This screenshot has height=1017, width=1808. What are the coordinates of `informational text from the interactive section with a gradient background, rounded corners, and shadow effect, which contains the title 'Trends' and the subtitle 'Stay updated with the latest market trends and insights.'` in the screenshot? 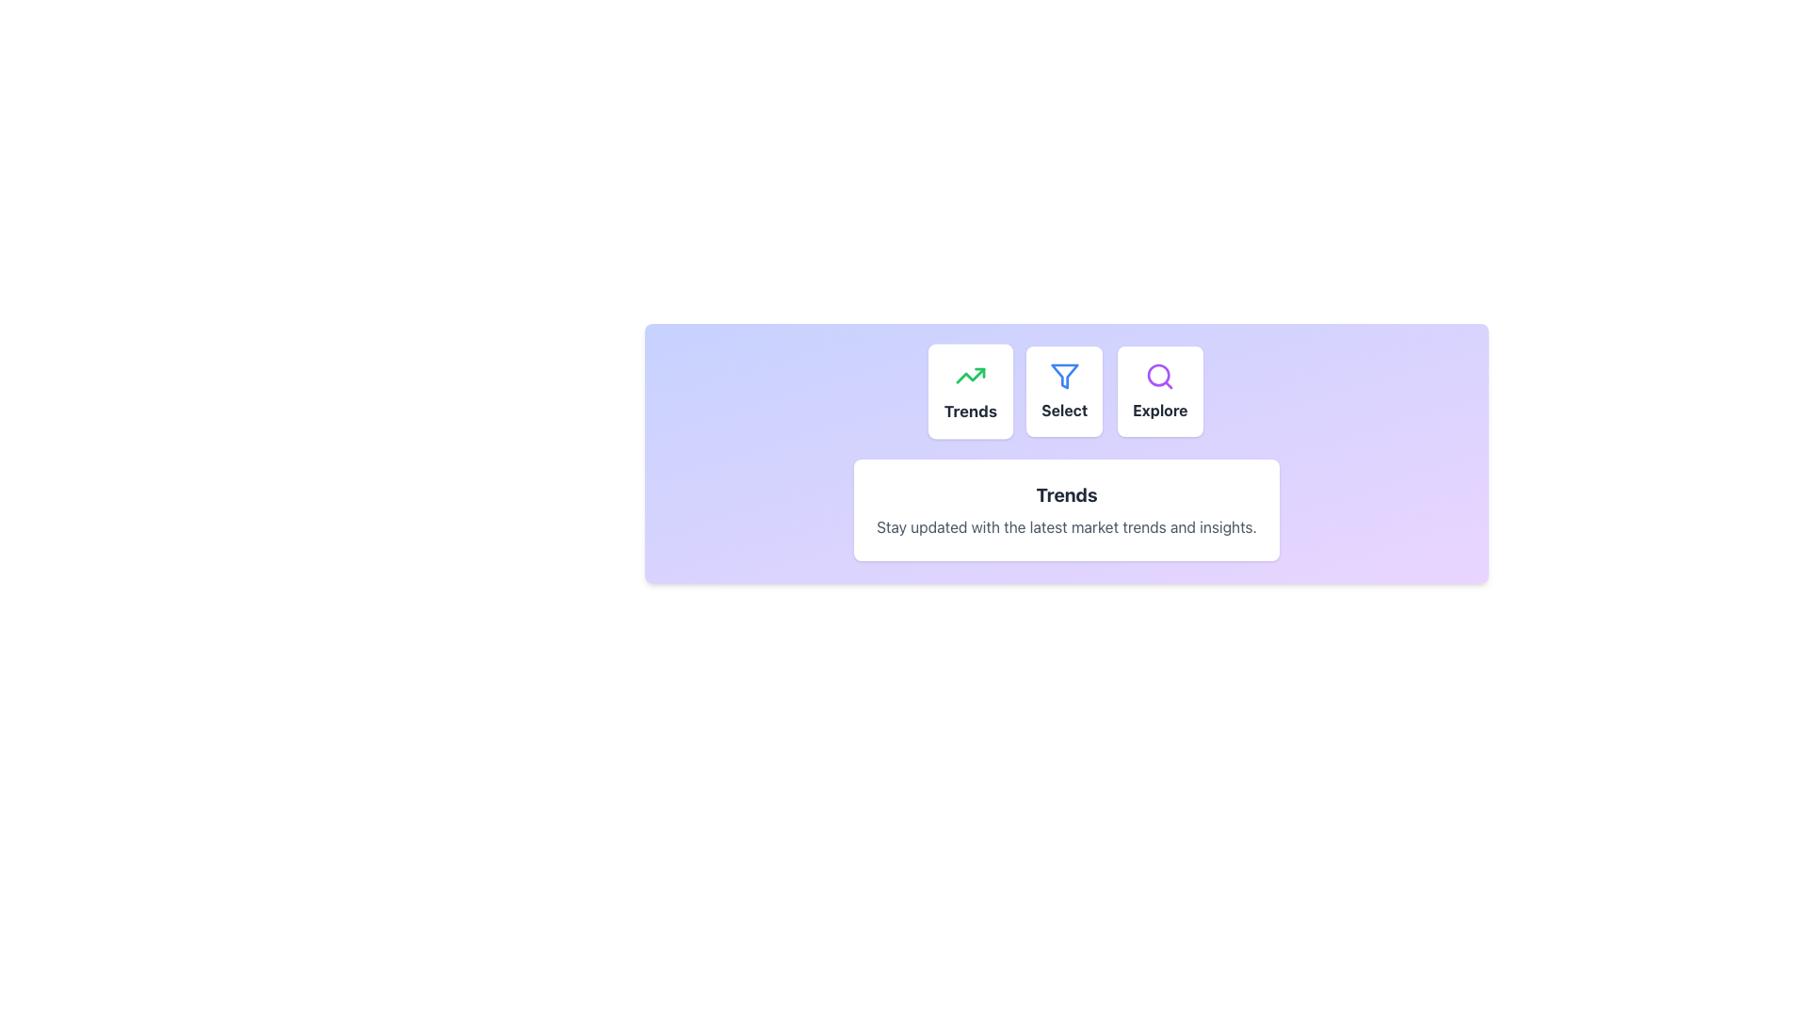 It's located at (1066, 454).